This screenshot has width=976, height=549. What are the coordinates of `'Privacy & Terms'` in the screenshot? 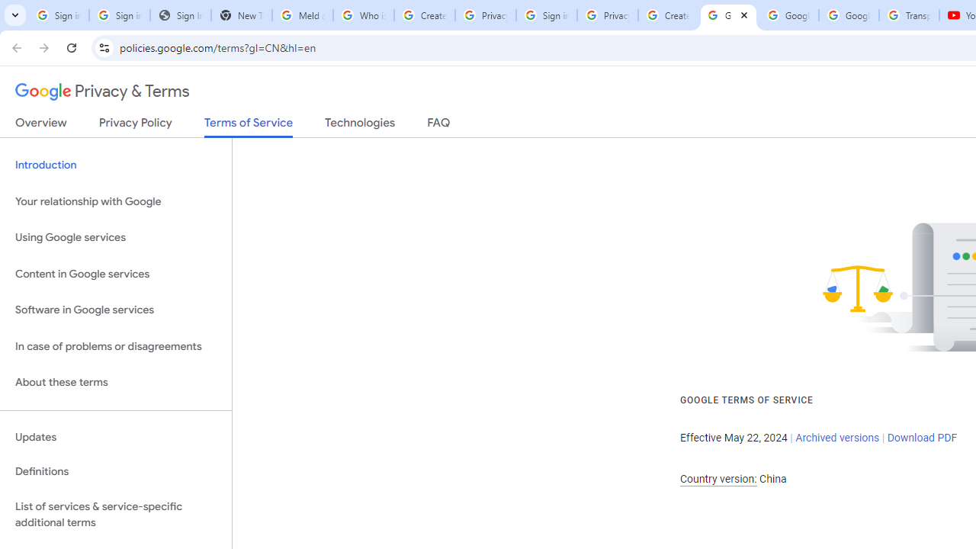 It's located at (102, 91).